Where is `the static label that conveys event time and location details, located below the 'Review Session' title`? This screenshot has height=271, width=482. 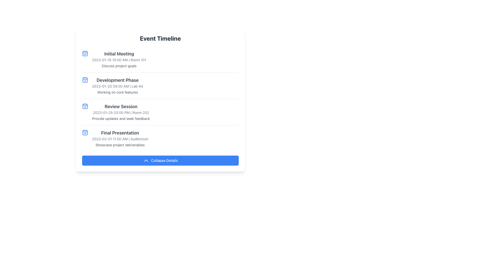
the static label that conveys event time and location details, located below the 'Review Session' title is located at coordinates (121, 112).